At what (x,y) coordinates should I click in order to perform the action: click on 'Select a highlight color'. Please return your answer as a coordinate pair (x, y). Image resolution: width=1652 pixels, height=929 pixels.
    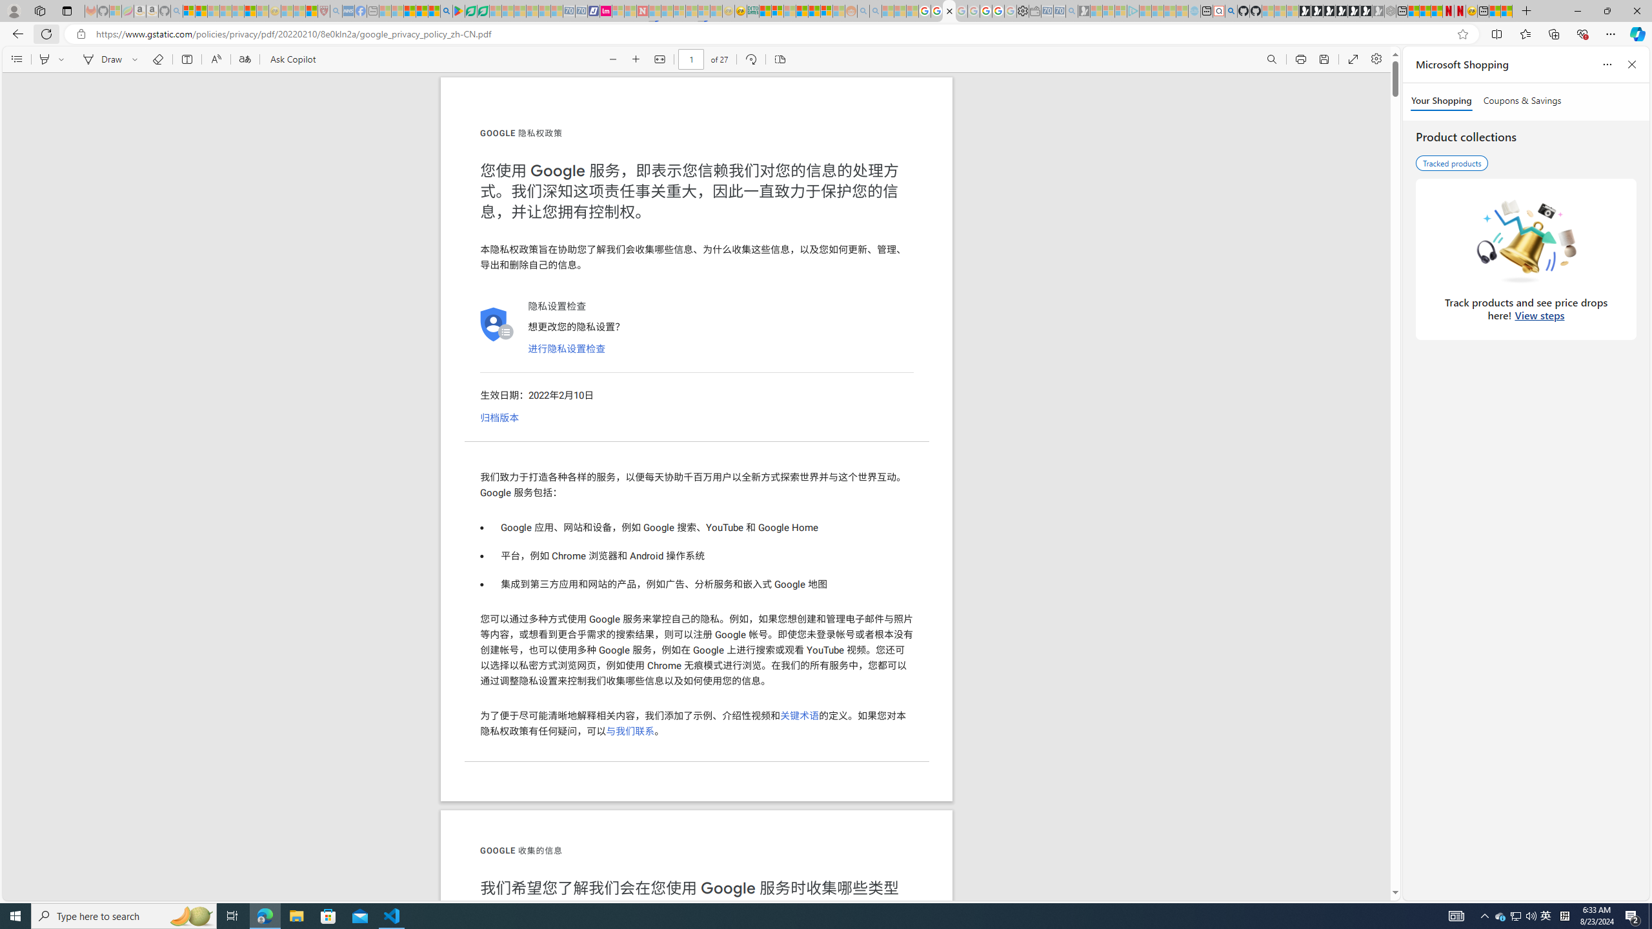
    Looking at the image, I should click on (63, 59).